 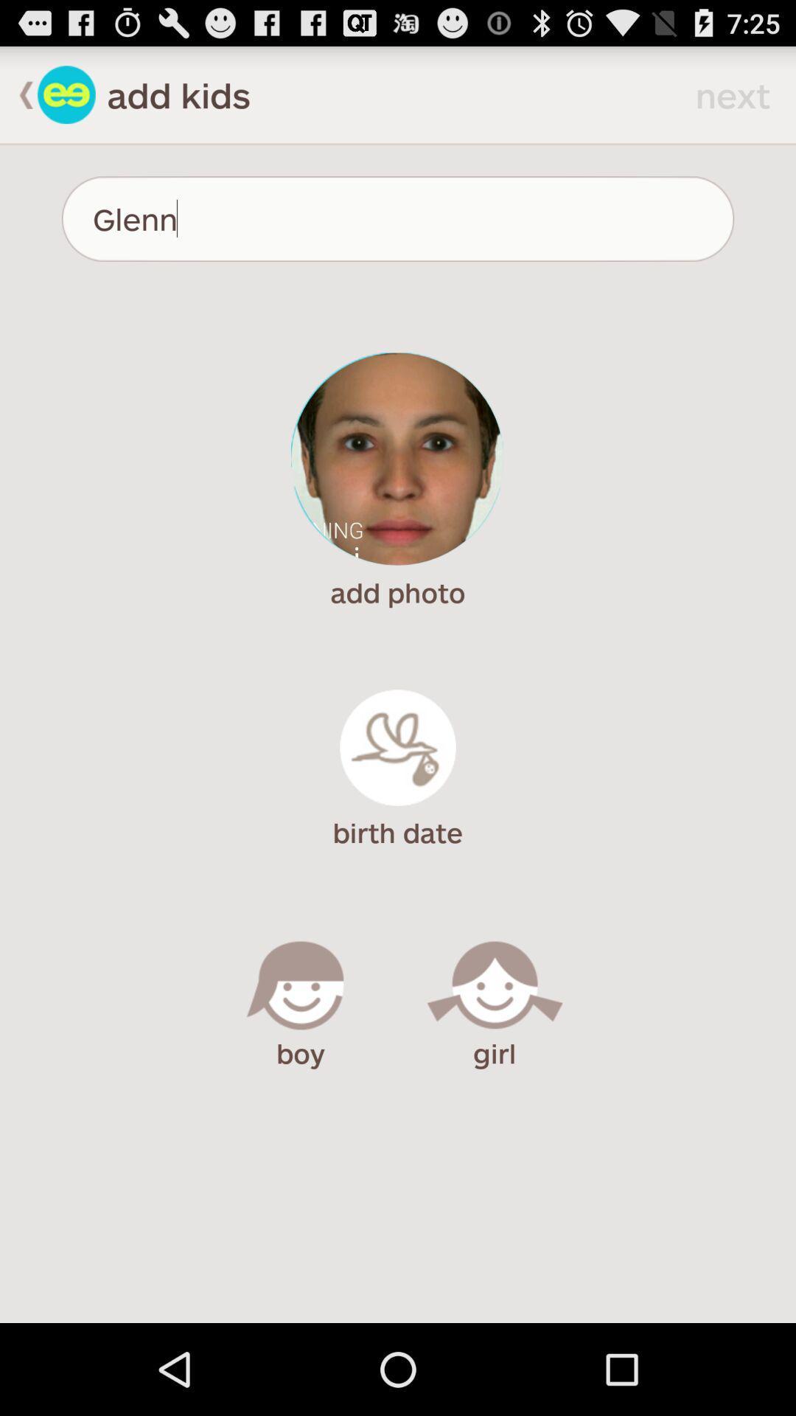 What do you see at coordinates (397, 459) in the screenshot?
I see `image above add photo` at bounding box center [397, 459].